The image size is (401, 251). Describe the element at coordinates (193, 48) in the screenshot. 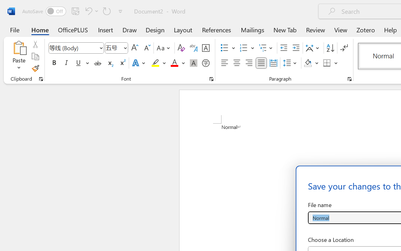

I see `'Phonetic Guide...'` at that location.